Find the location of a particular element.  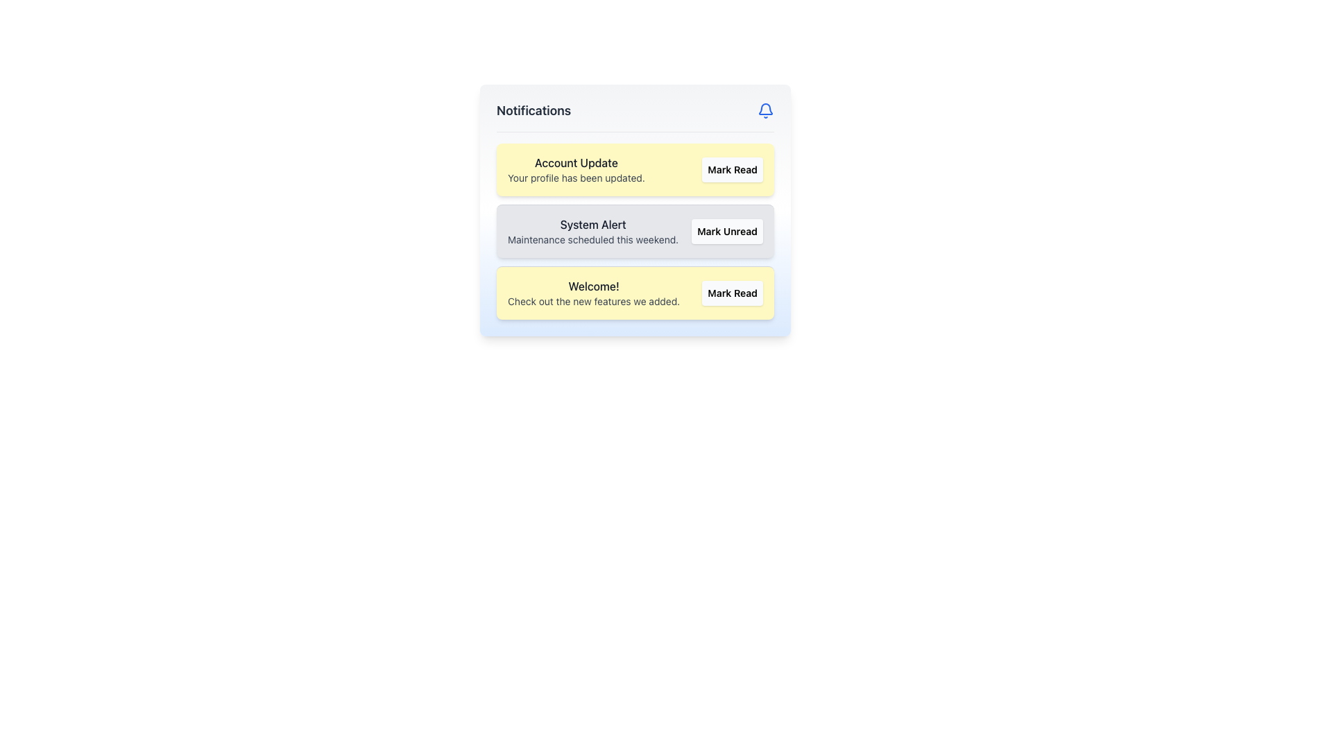

the text label that serves as a header for the second notification block, which summarizes the associated message about maintenance scheduled this weekend is located at coordinates (593, 224).